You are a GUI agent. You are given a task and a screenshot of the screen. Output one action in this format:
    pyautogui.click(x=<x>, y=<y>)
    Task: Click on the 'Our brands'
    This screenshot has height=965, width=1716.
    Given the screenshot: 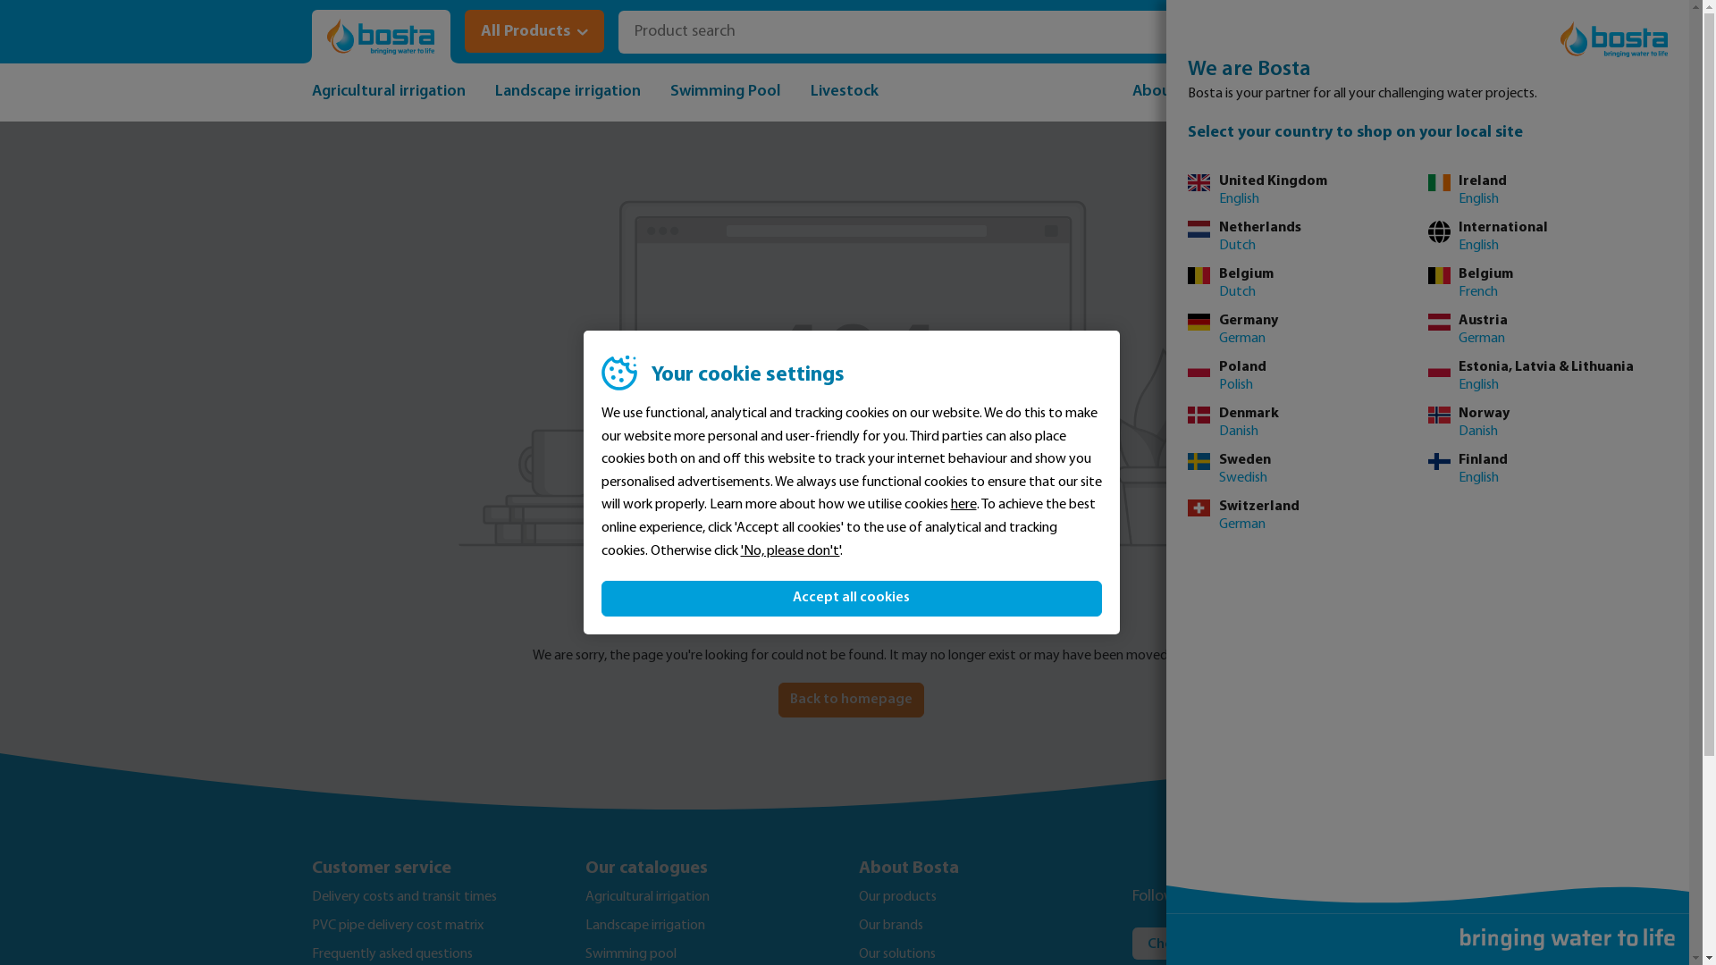 What is the action you would take?
    pyautogui.click(x=858, y=925)
    